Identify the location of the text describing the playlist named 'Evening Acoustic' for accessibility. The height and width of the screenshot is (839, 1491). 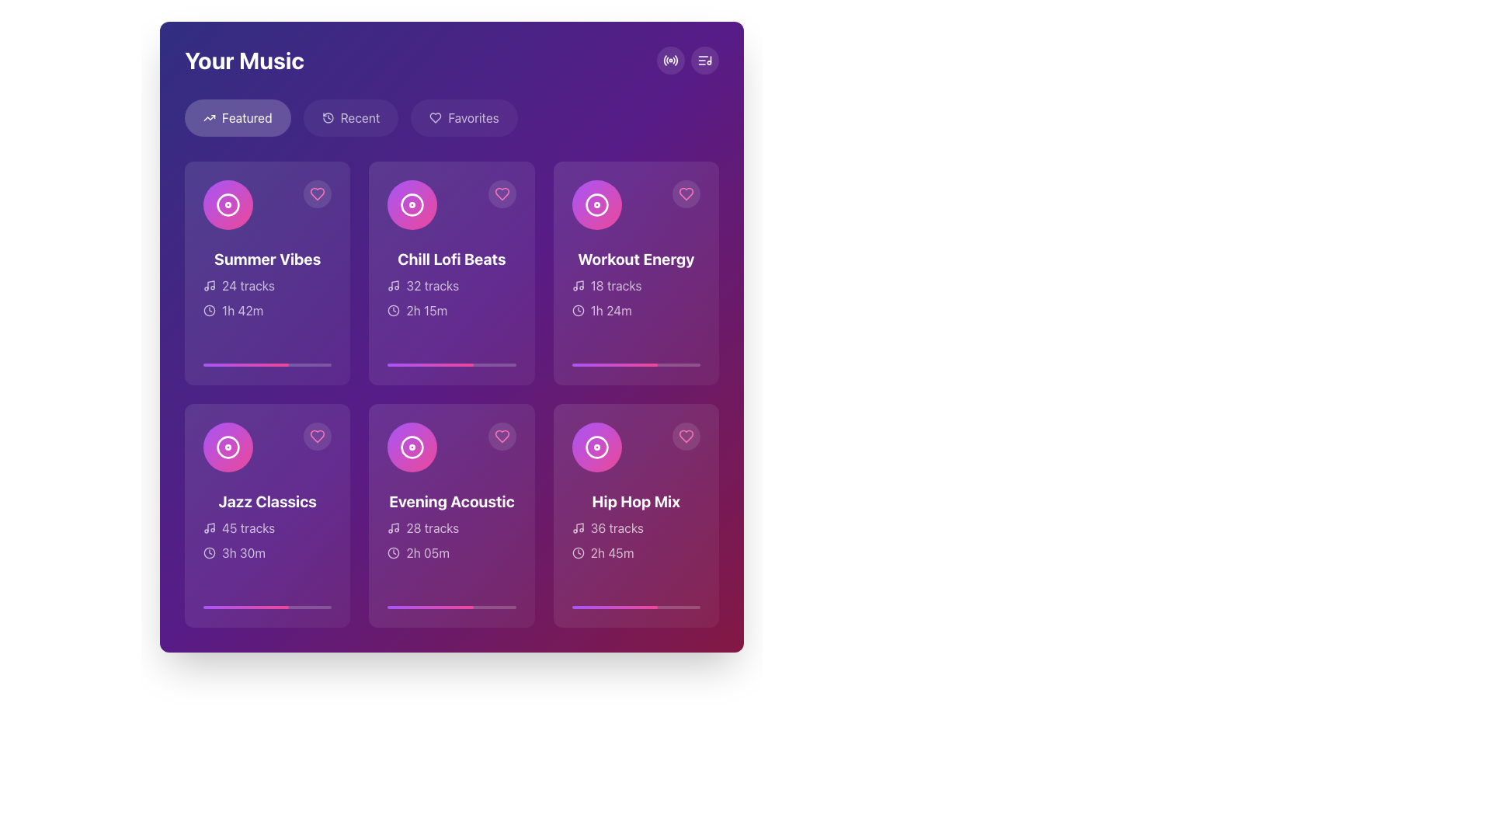
(450, 526).